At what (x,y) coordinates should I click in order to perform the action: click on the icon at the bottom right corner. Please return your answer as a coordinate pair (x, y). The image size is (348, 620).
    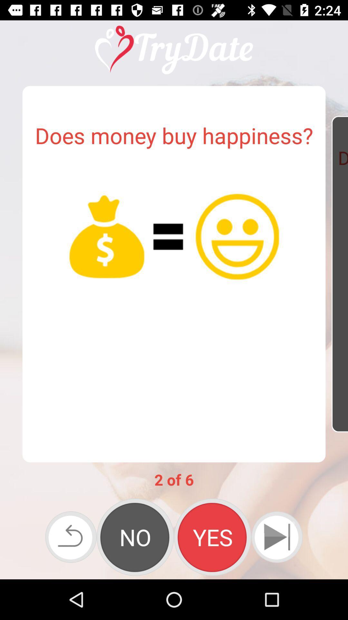
    Looking at the image, I should click on (276, 537).